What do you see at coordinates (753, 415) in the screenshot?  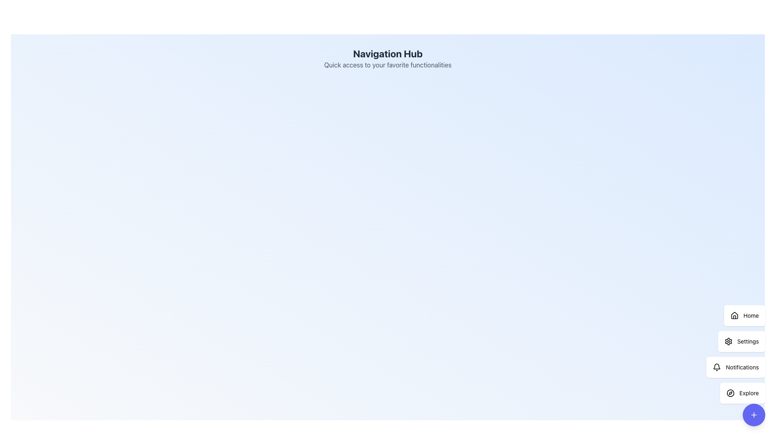 I see `the circular indigo button with a white plus sign located in the bottom-right corner` at bounding box center [753, 415].